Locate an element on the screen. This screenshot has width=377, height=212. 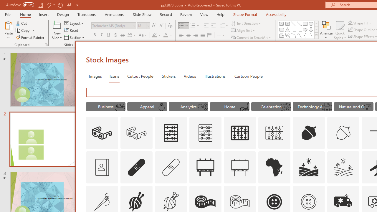
'Font Color Red' is located at coordinates (165, 35).